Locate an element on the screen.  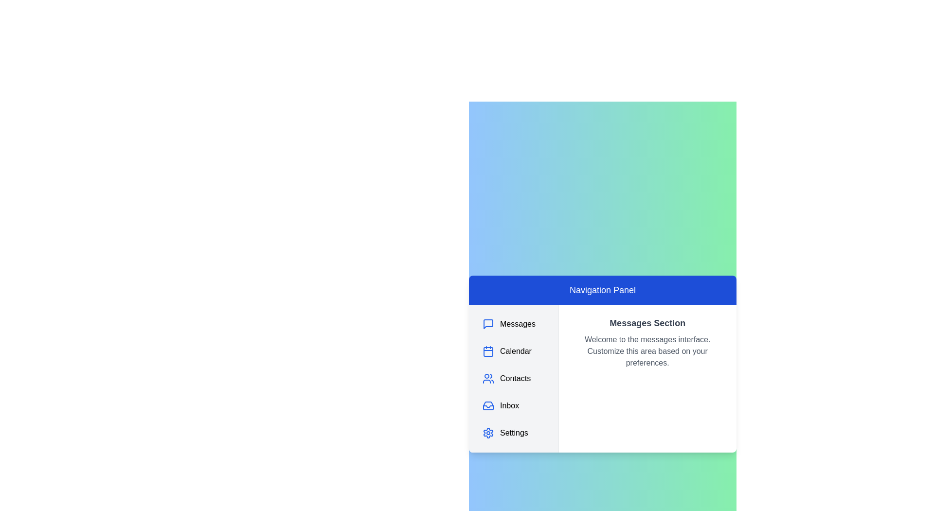
the Inbox section by clicking its icon in the navigation panel is located at coordinates (488, 405).